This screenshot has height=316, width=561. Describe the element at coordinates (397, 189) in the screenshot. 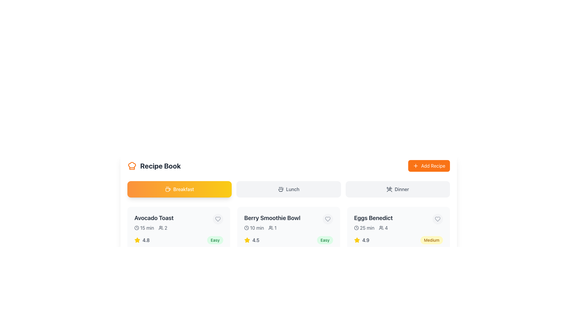

I see `'Dinner' interactive button, which is the third button in a series of three, featuring a light gray background, rounded borders, and displaying crossed utensils icon and text in medium font` at that location.